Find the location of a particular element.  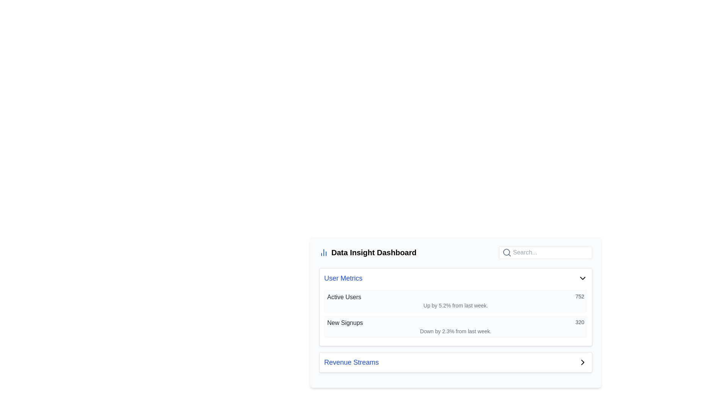

the text segment displaying 'Up by 5.2% from last week.' located within the 'Active Users' module, below the number '752' on the dashboard is located at coordinates (455, 305).